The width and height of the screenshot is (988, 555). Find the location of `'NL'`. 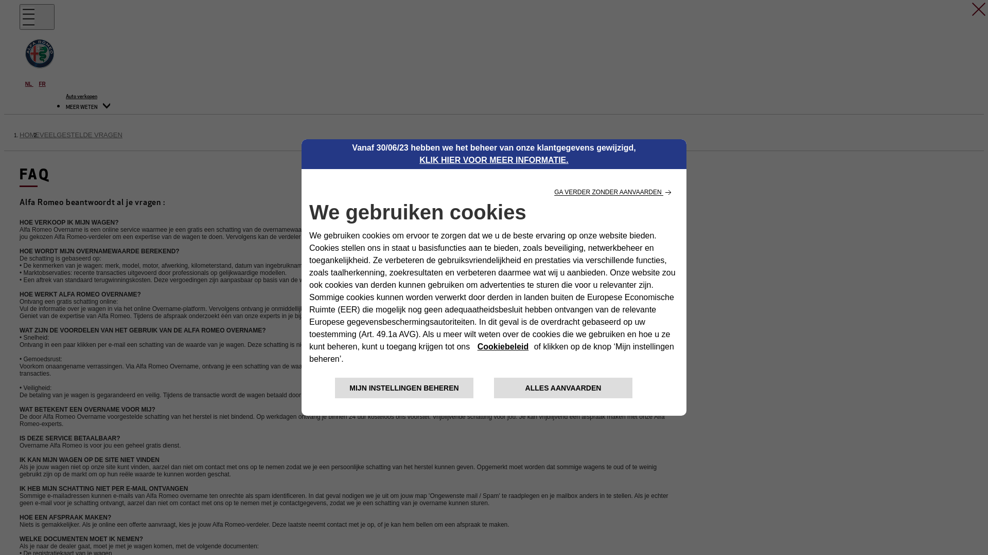

'NL' is located at coordinates (29, 83).